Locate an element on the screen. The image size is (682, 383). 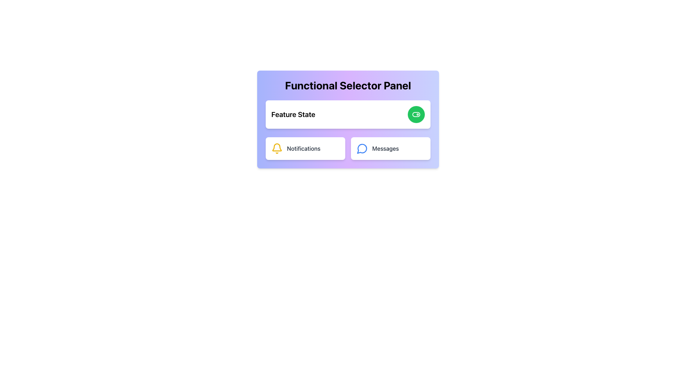
the 'Functional Selector Panel' is located at coordinates (348, 119).